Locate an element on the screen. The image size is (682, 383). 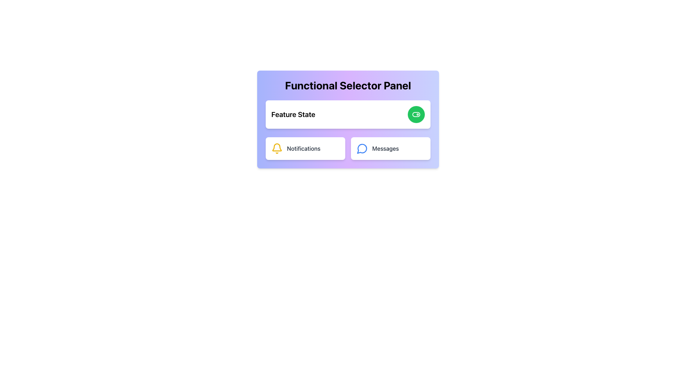
the 'Functional Selector Panel' is located at coordinates (348, 119).